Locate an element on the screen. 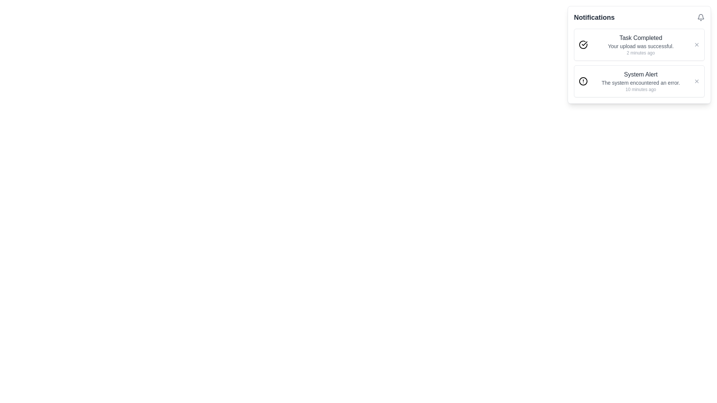  the multi-line text block titled 'System Alert', which states 'The system encountered an error.' and includes the timestamp '10 minutes ago' is located at coordinates (640, 81).